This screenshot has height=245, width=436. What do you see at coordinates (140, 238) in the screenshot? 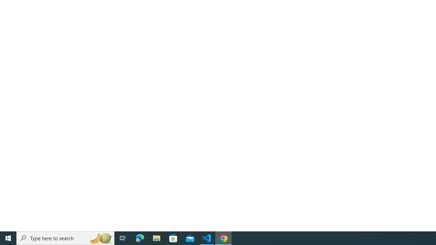
I see `'Microsoft Edge'` at bounding box center [140, 238].